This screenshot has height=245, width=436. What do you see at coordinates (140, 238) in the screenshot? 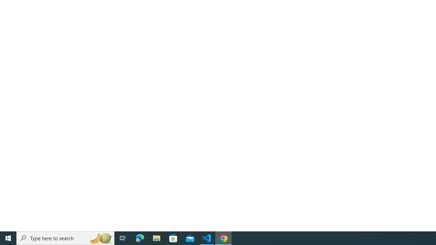
I see `'Microsoft Edge'` at bounding box center [140, 238].